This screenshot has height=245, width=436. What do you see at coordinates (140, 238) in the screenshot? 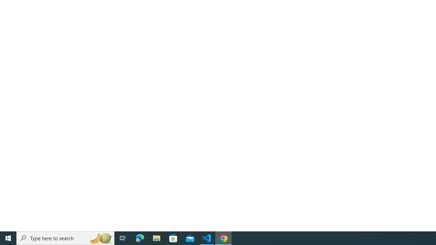
I see `'Microsoft Edge'` at bounding box center [140, 238].